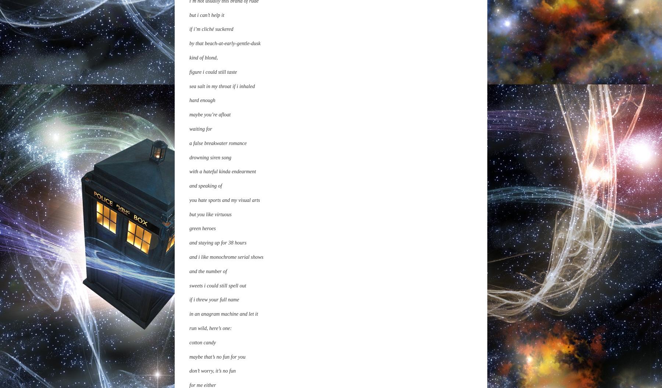 The image size is (662, 388). Describe the element at coordinates (220, 198) in the screenshot. I see `'american blue in the very pits'` at that location.